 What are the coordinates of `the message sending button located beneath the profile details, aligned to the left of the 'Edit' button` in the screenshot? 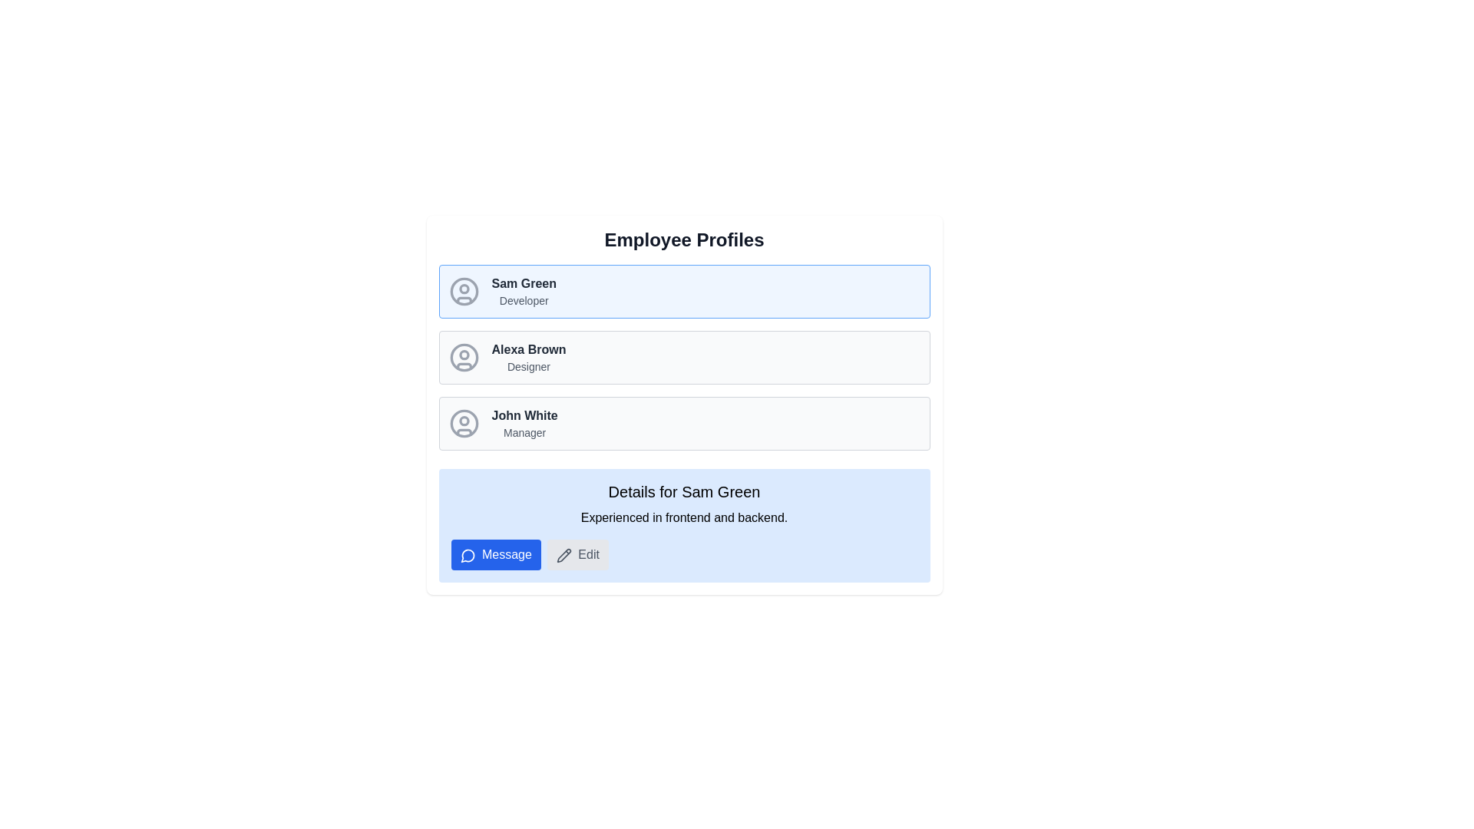 It's located at (496, 554).